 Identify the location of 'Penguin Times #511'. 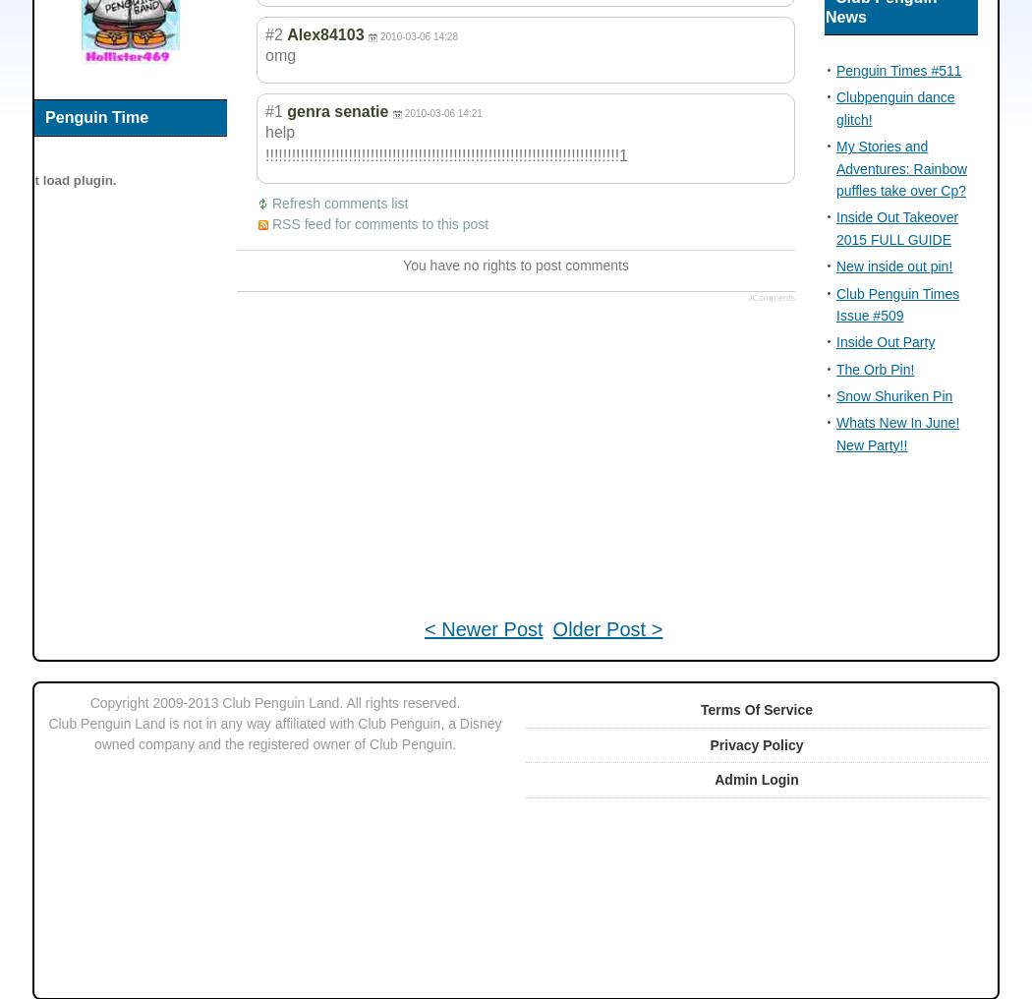
(898, 71).